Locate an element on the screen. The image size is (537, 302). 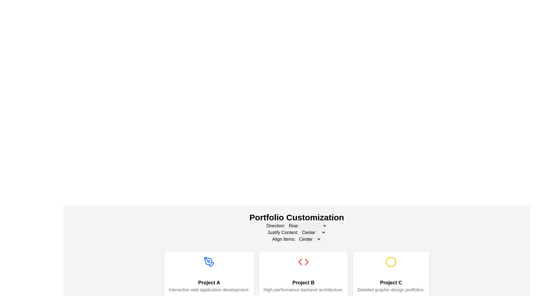
the decorative icon associated with 'Project C', positioned at the top of the card above the text content is located at coordinates (391, 265).